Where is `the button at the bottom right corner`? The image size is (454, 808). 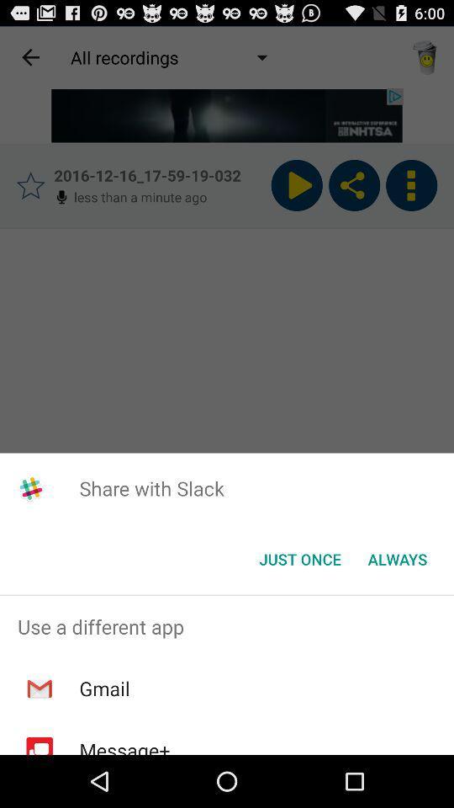 the button at the bottom right corner is located at coordinates (397, 559).